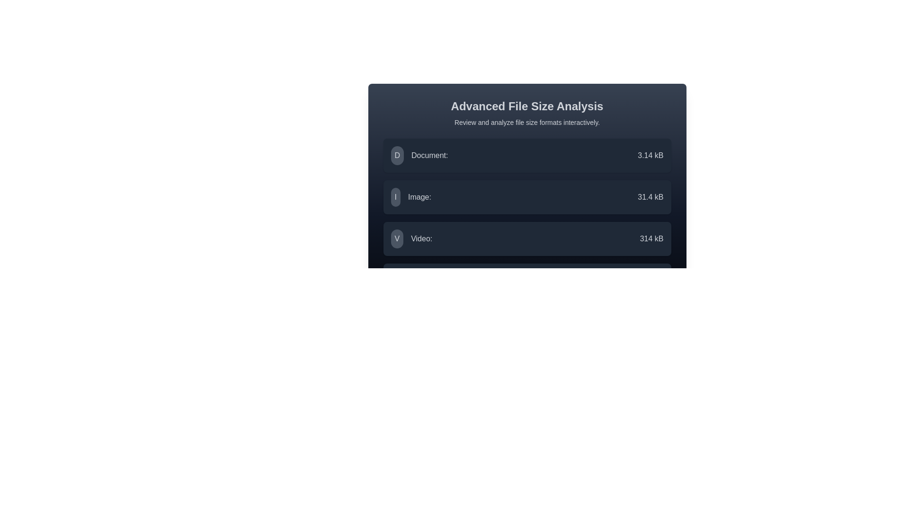 The width and height of the screenshot is (909, 511). Describe the element at coordinates (526, 238) in the screenshot. I see `the Informational tile displaying 'Video' and its size '314 kB'` at that location.